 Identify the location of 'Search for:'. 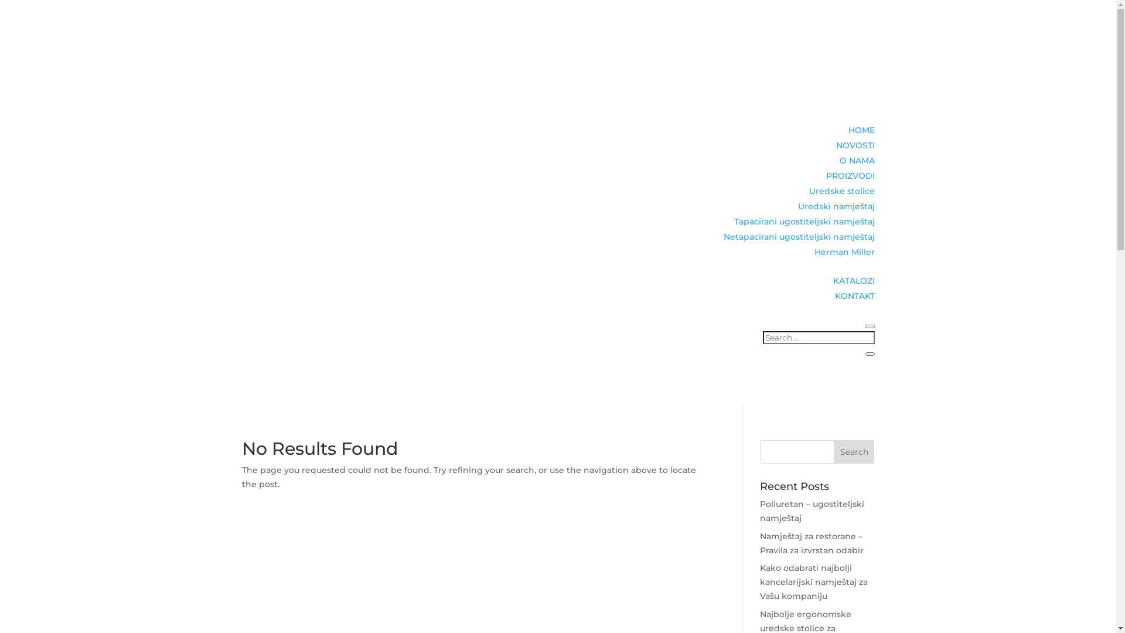
(818, 337).